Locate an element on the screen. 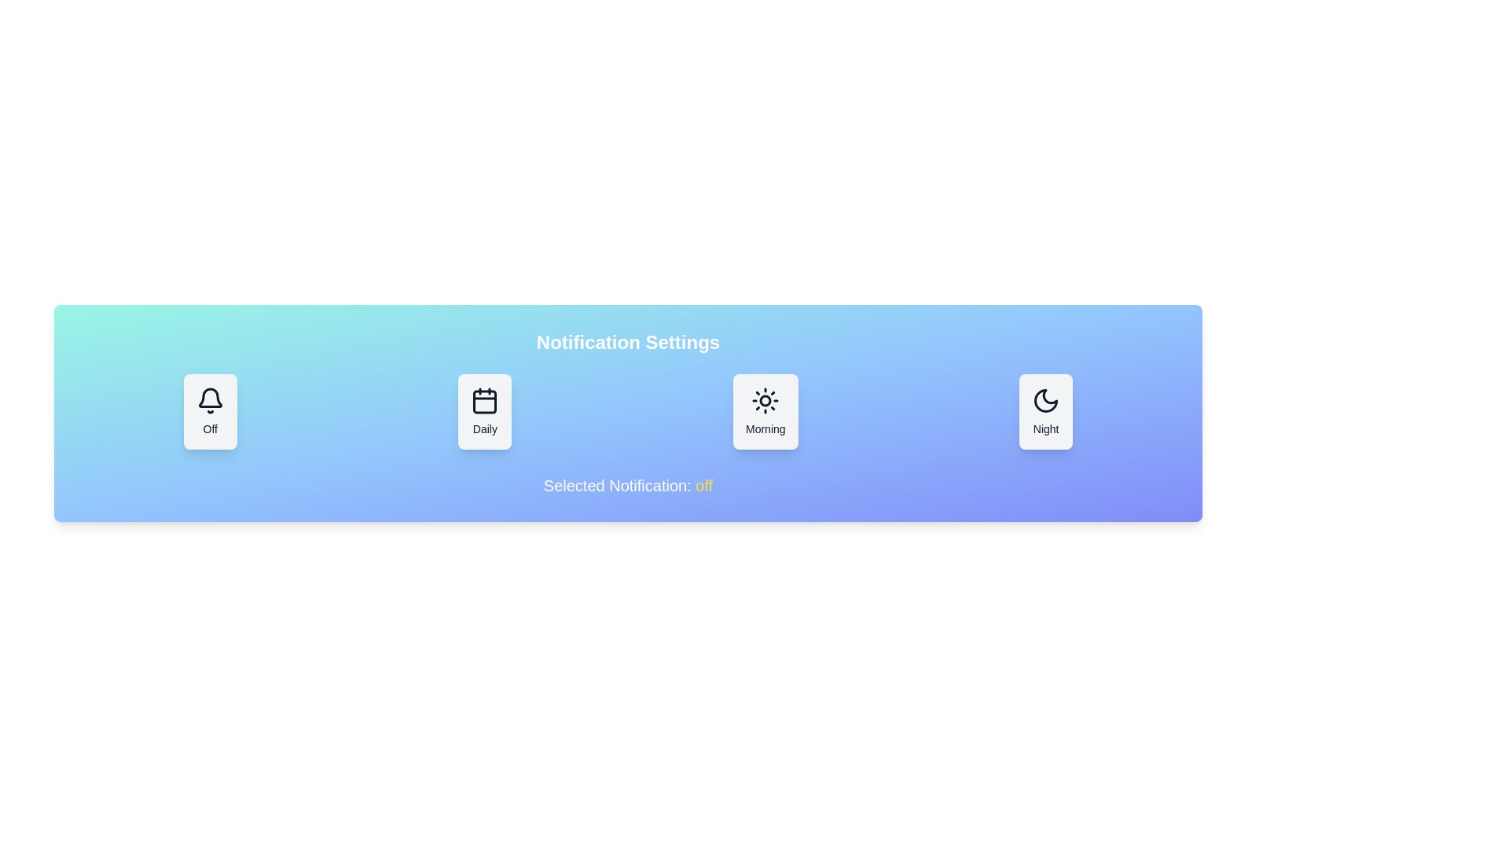  the notification setting to Daily is located at coordinates (484, 411).